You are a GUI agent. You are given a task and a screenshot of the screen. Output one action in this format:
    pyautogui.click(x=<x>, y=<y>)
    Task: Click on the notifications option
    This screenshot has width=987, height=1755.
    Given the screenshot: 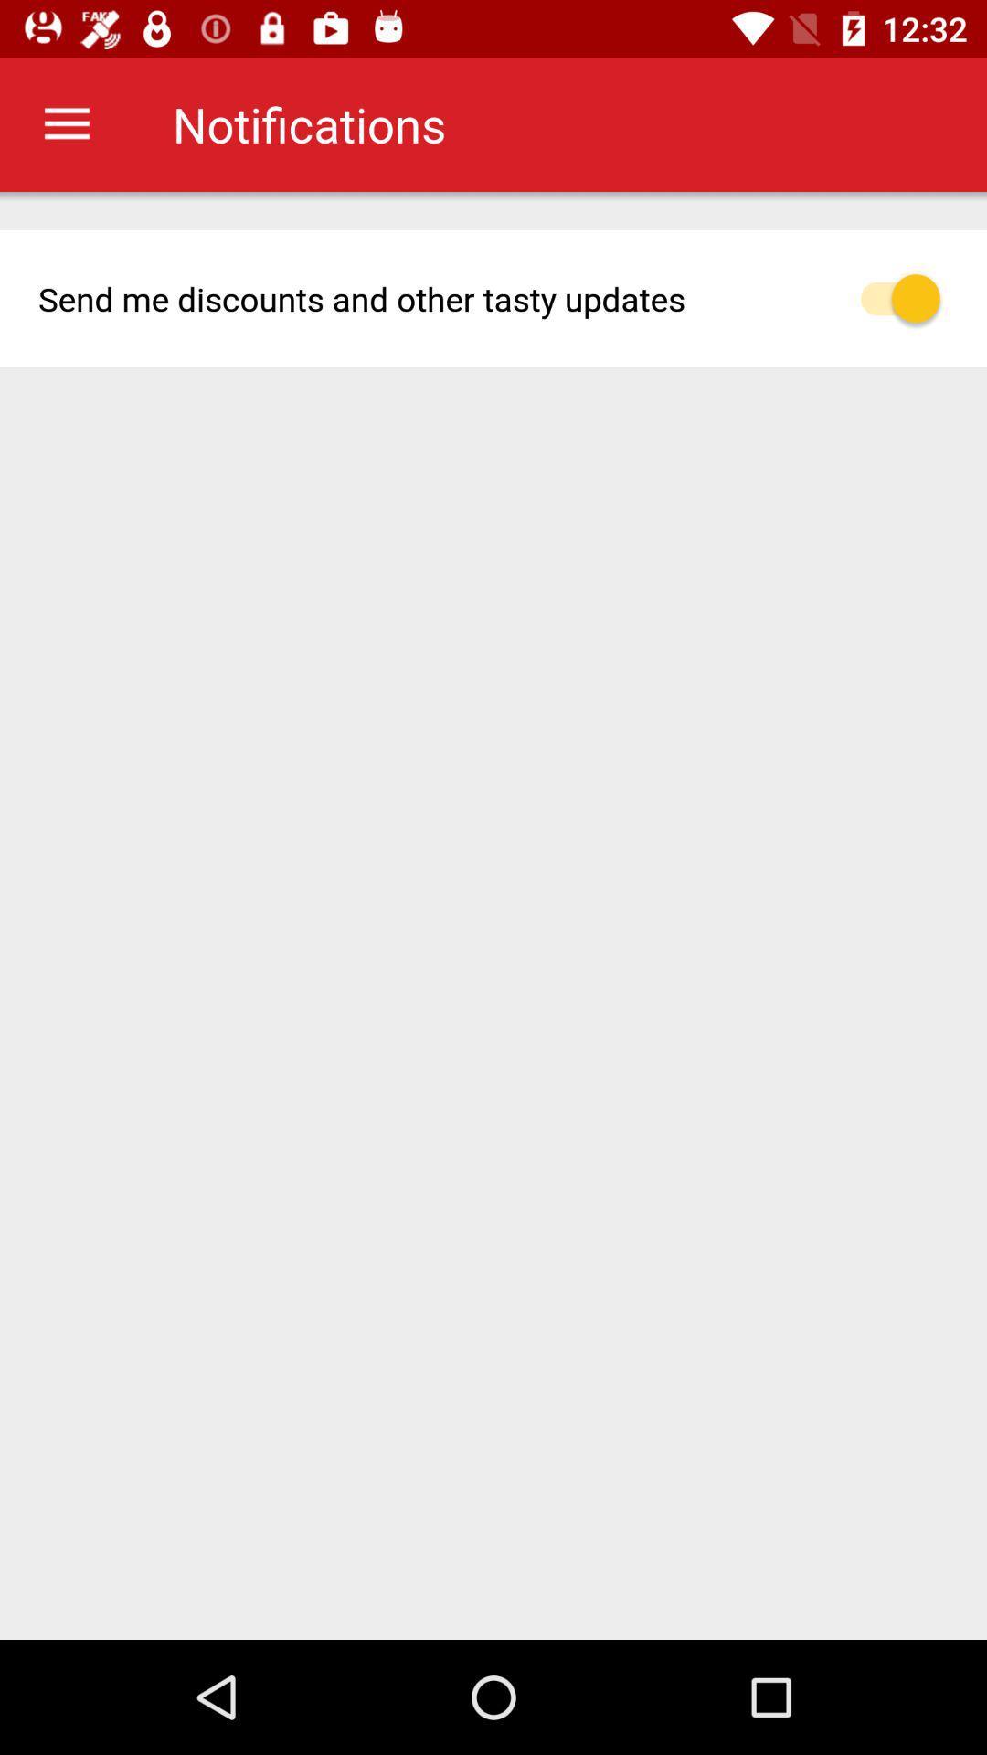 What is the action you would take?
    pyautogui.click(x=910, y=298)
    